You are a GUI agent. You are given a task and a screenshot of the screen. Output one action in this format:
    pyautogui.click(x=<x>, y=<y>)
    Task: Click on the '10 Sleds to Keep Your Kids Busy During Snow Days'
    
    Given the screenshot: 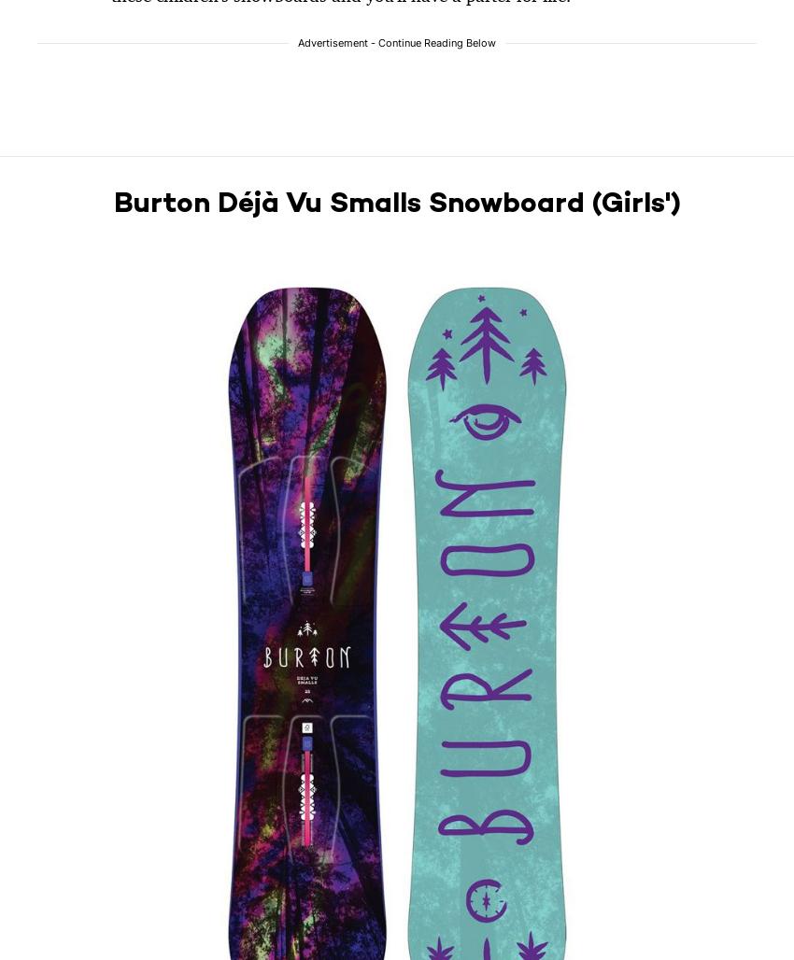 What is the action you would take?
    pyautogui.click(x=300, y=482)
    